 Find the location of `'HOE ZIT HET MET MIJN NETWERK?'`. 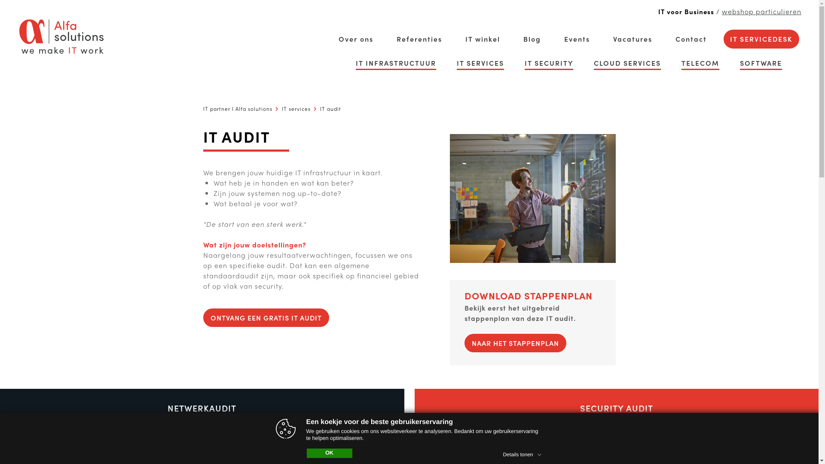

'HOE ZIT HET MET MIJN NETWERK?' is located at coordinates (202, 437).